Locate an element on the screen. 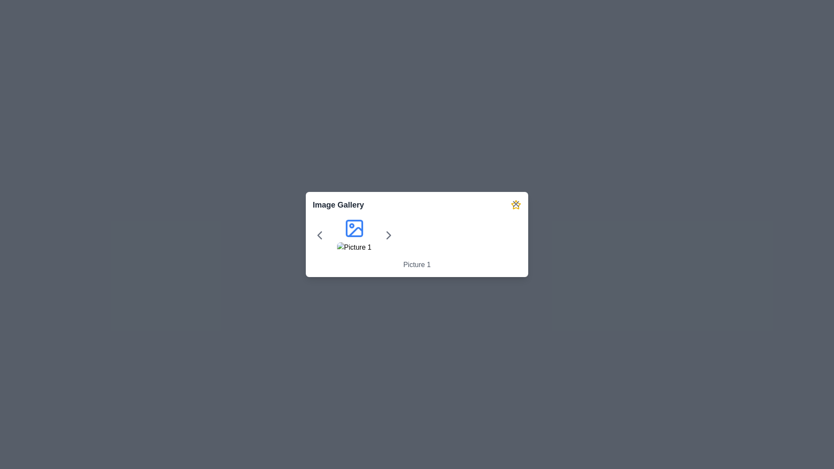  the graphical SVG shape element with rounded corners located in the middle of a gallery interface is located at coordinates (354, 228).